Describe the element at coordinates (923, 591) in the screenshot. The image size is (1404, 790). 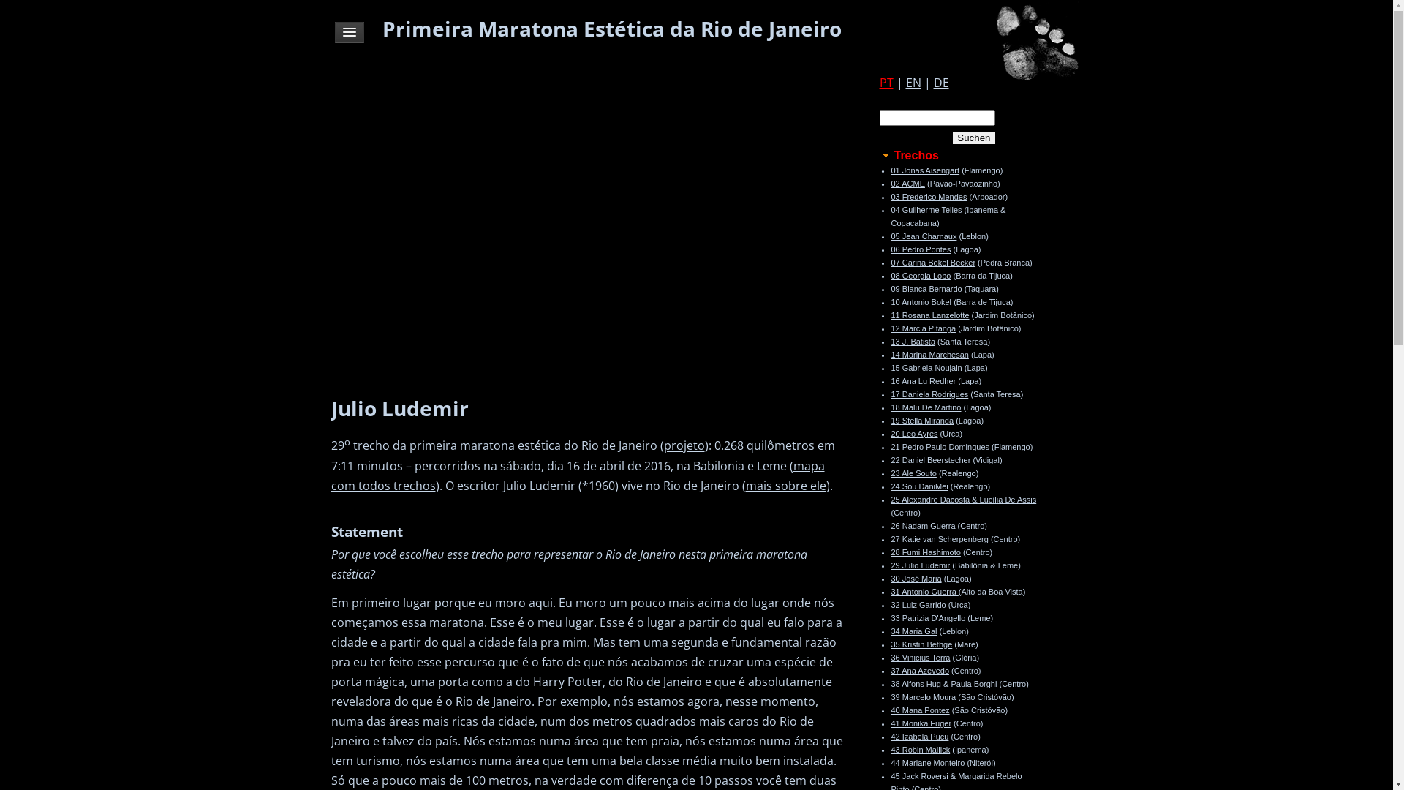
I see `'31 Antonio Guerra'` at that location.